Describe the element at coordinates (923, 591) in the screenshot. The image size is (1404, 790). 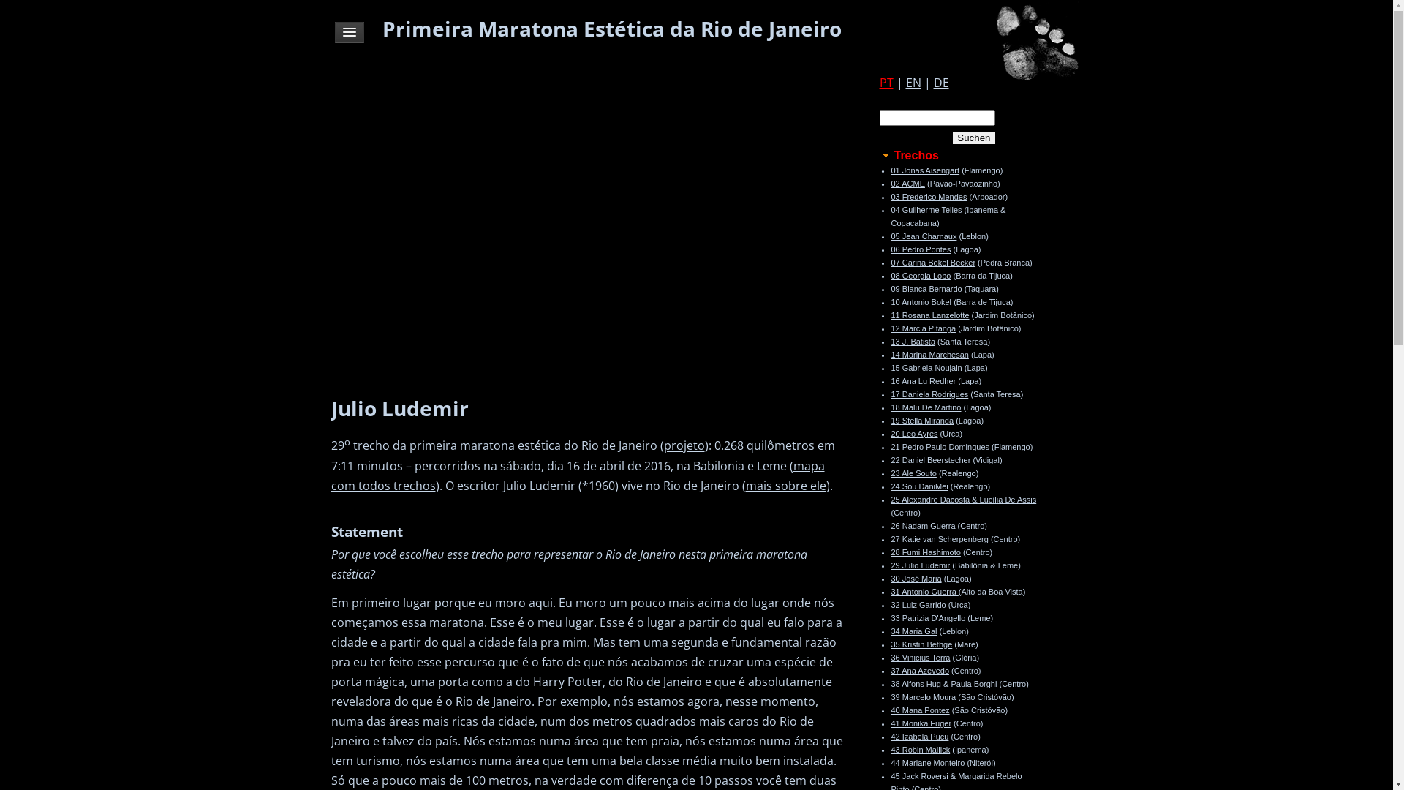
I see `'31 Antonio Guerra'` at that location.